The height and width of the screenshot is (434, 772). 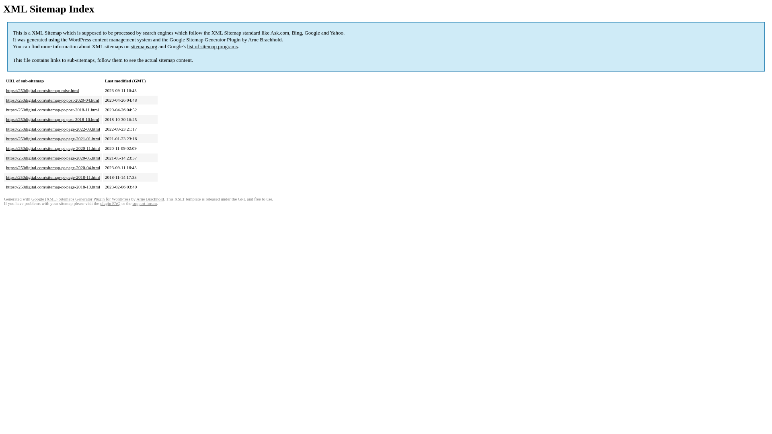 I want to click on 'https://250digital.com/sitemap-pt-post-2020-04.html', so click(x=52, y=100).